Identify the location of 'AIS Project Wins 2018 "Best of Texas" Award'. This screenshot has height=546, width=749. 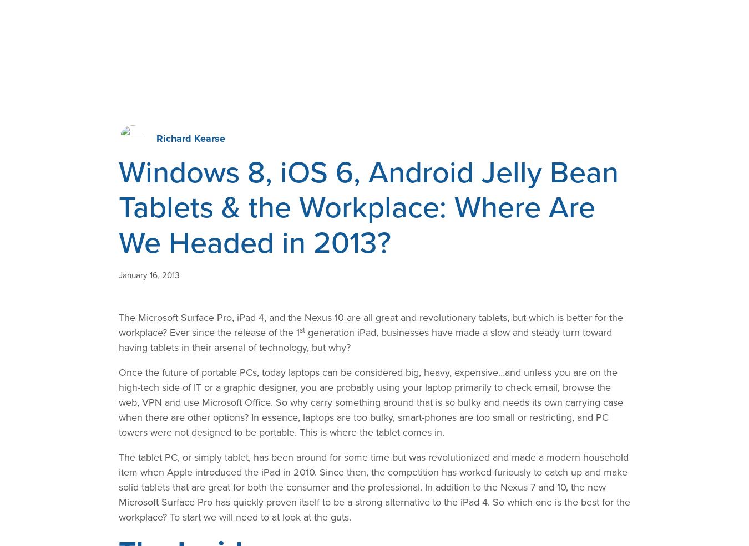
(574, 434).